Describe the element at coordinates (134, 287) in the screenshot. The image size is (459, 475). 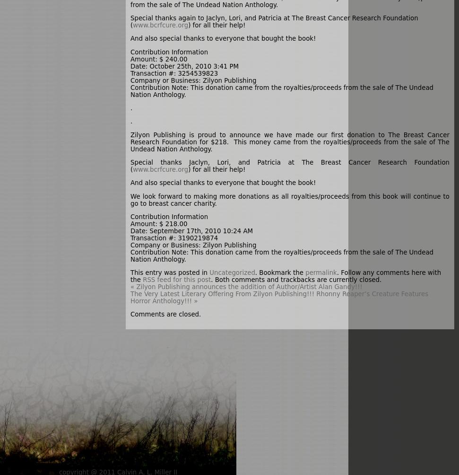
I see `'Zilyon Publishing announces the addition of Author/Artist Alan Gandy!!!'` at that location.